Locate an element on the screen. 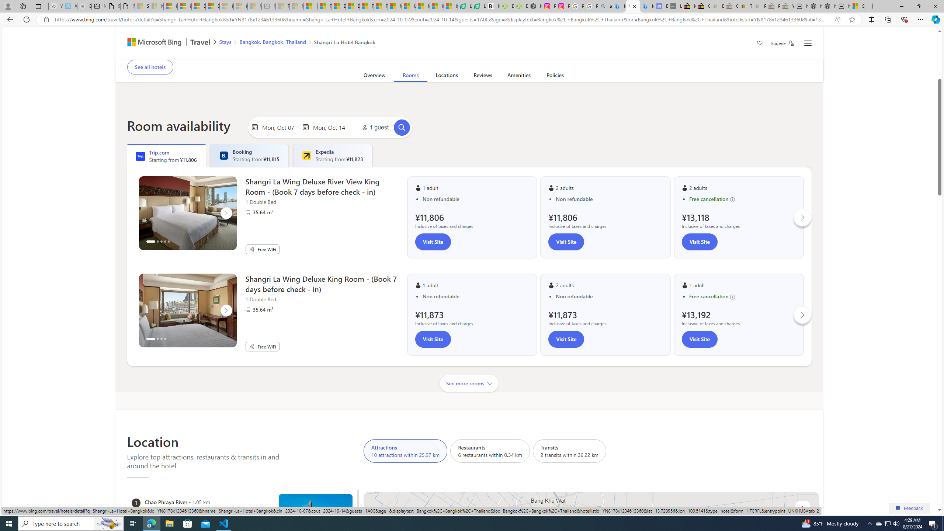 This screenshot has height=531, width=944. 'alabama high school quarterback dies - Search' is located at coordinates (604, 6).